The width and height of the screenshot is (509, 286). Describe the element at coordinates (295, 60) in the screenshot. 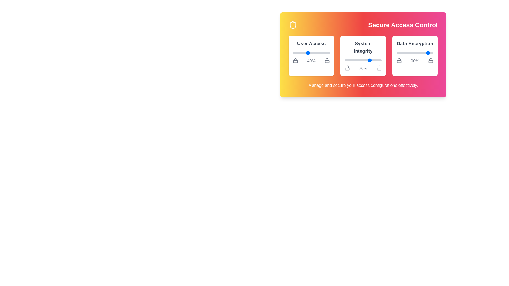

I see `the Lock icon to observe its interaction` at that location.